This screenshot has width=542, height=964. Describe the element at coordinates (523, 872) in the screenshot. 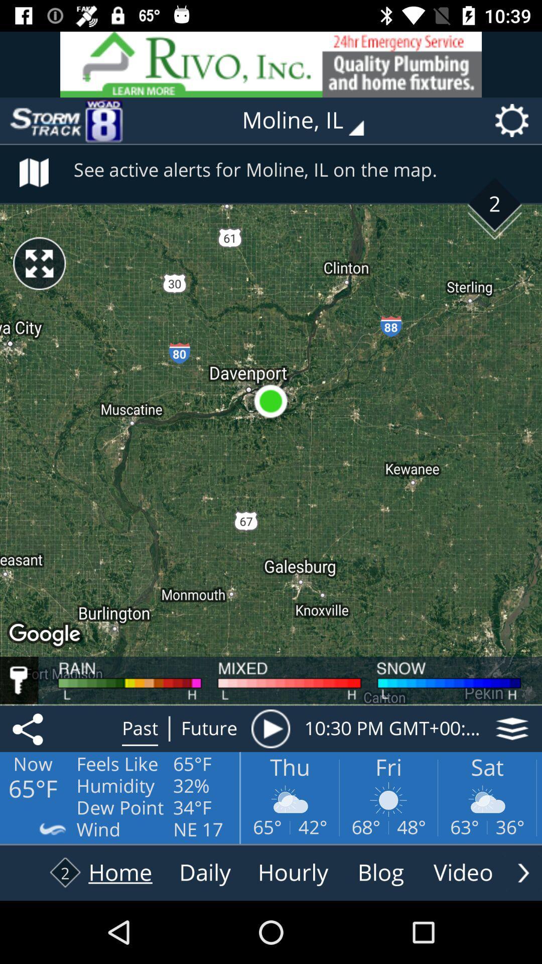

I see `the arrow_forward icon` at that location.